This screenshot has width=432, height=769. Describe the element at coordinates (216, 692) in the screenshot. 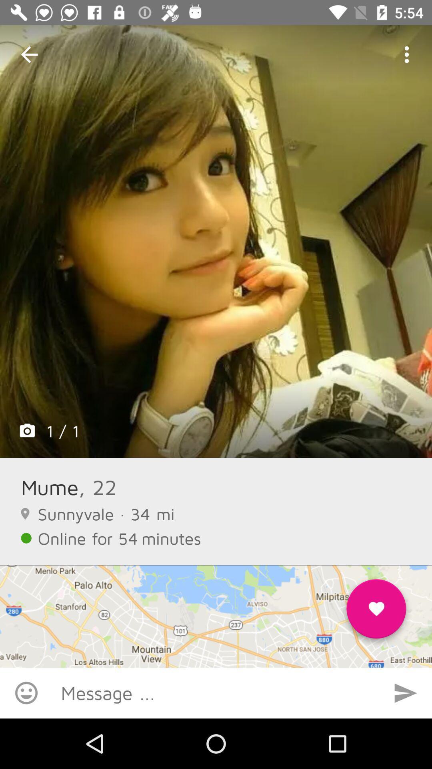

I see `message` at that location.